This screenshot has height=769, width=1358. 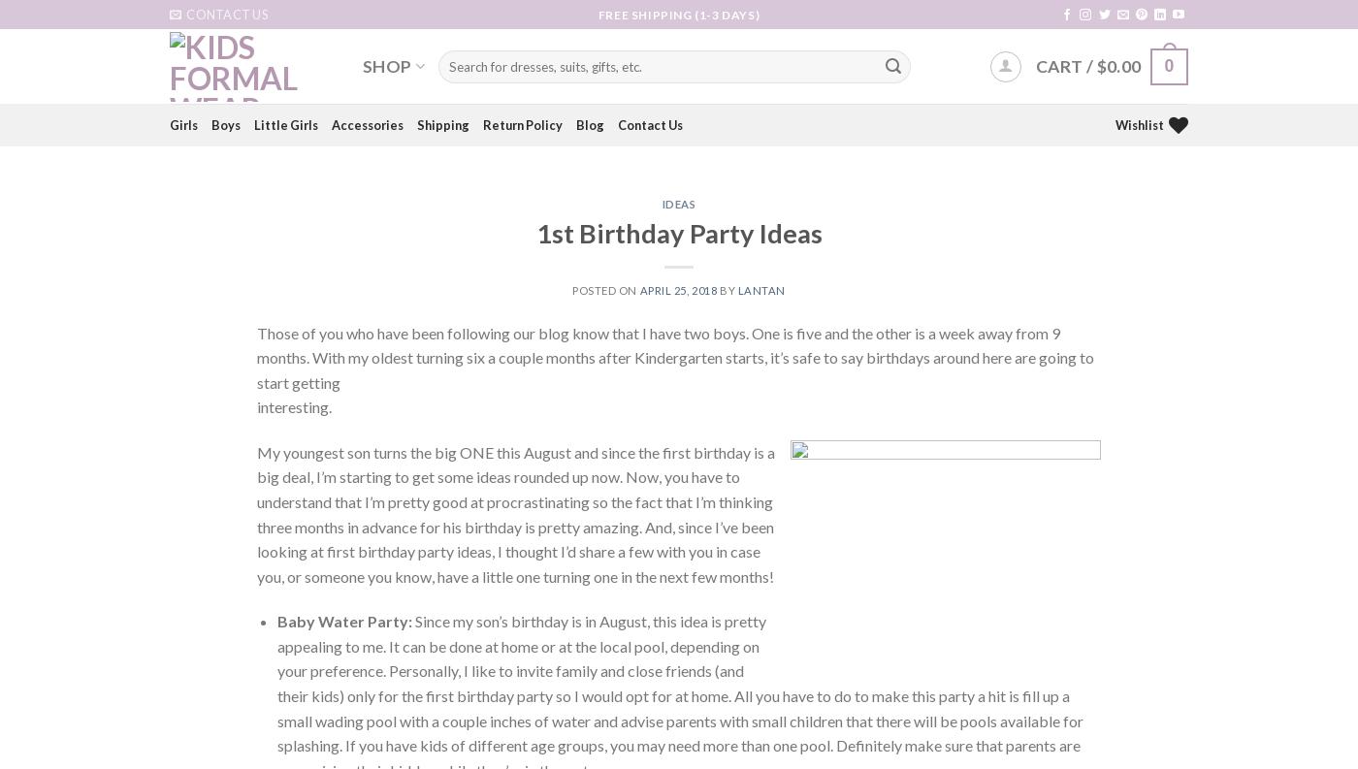 I want to click on 'lantan', so click(x=760, y=289).